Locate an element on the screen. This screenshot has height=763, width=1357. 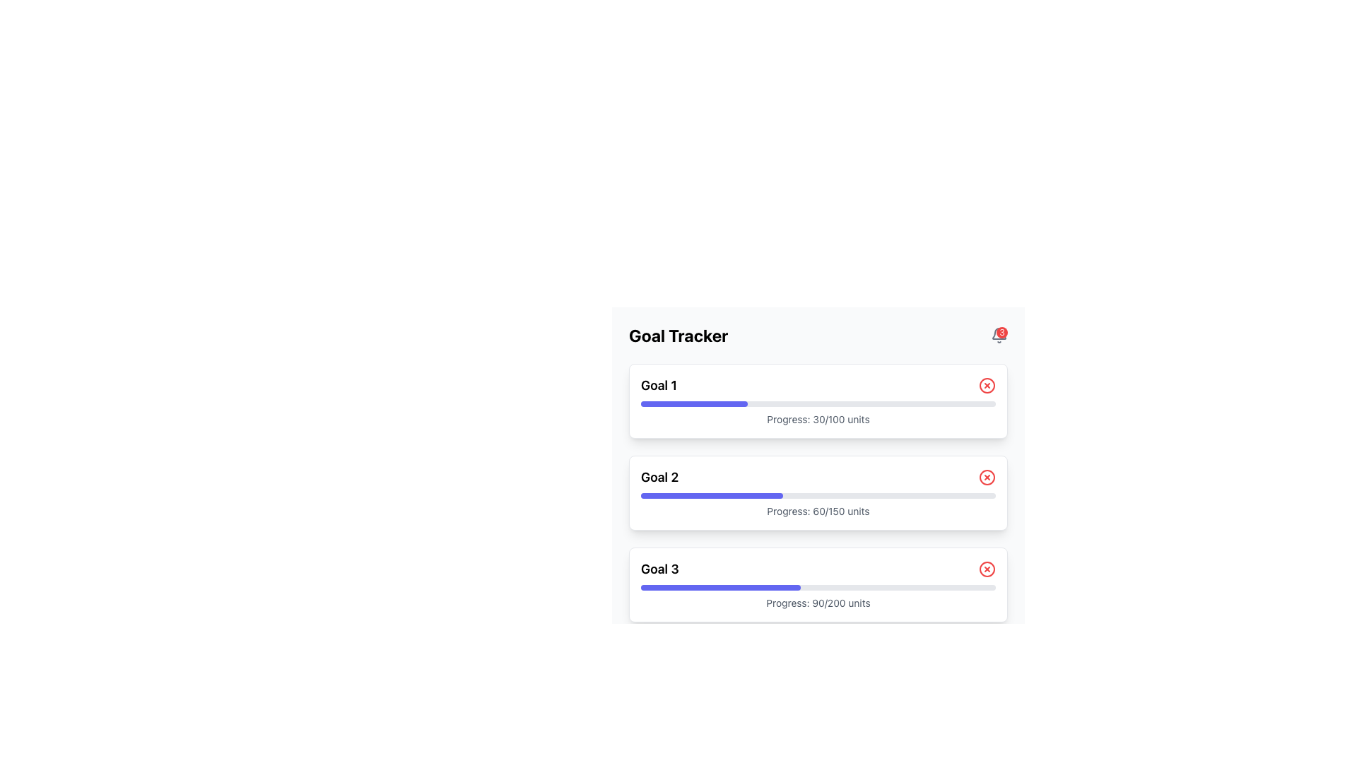
the text label displaying 'Progress: 60/150 units' located below the progress bar for 'Goal 2' is located at coordinates (818, 511).